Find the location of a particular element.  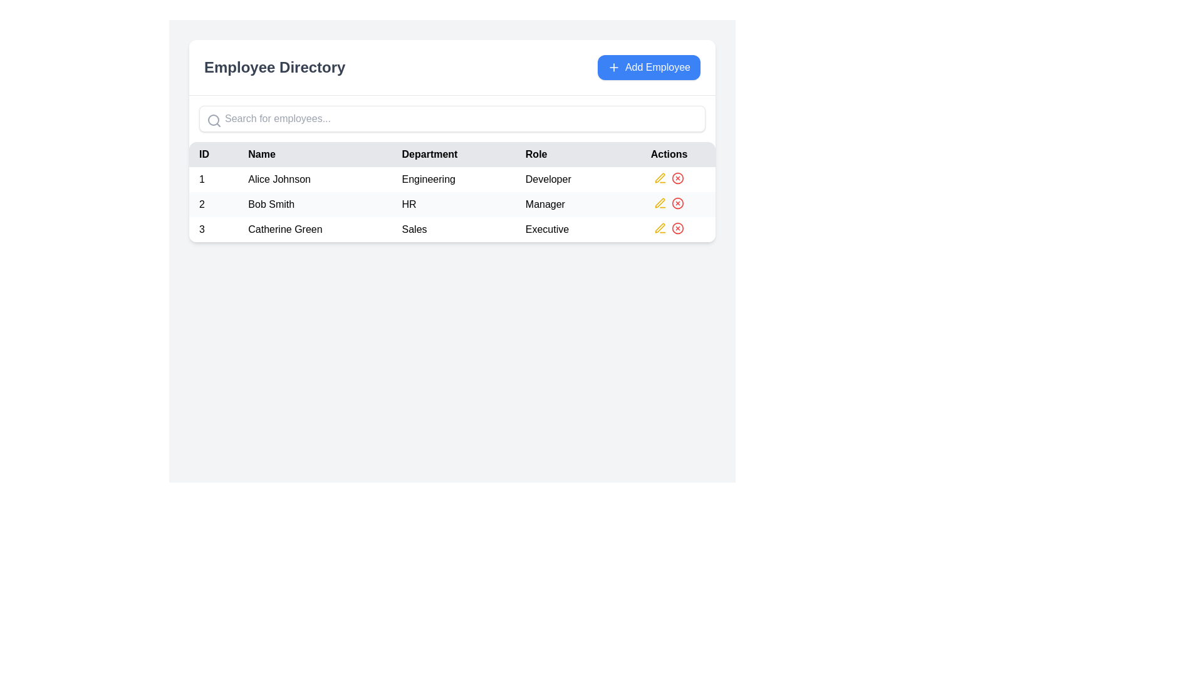

the main circular part of the magnifying glass icon located at the start of the search bar near the top of the interface is located at coordinates (213, 120).